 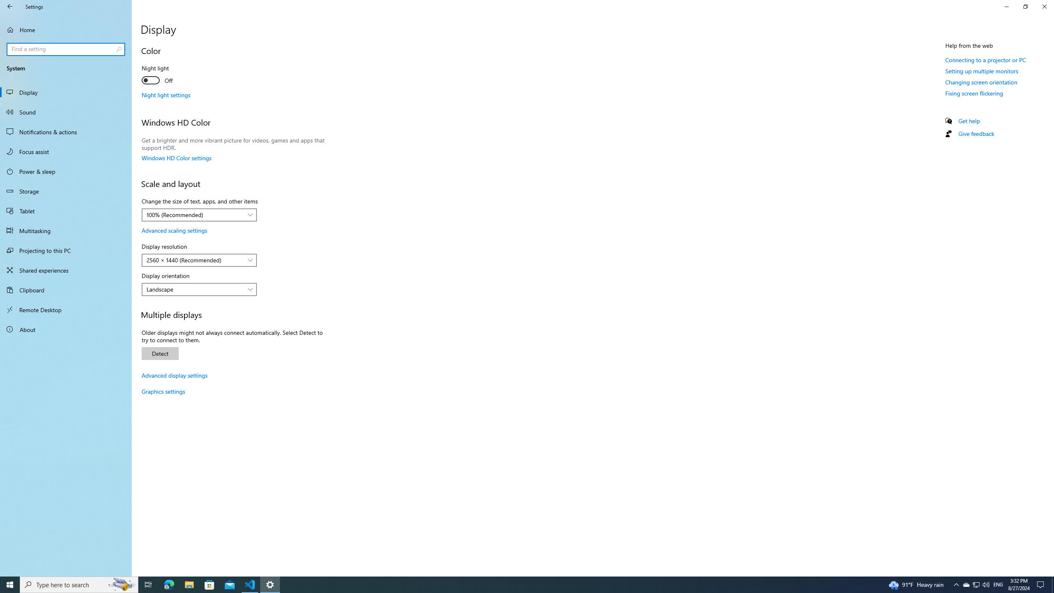 I want to click on 'Search box, Find a setting', so click(x=66, y=49).